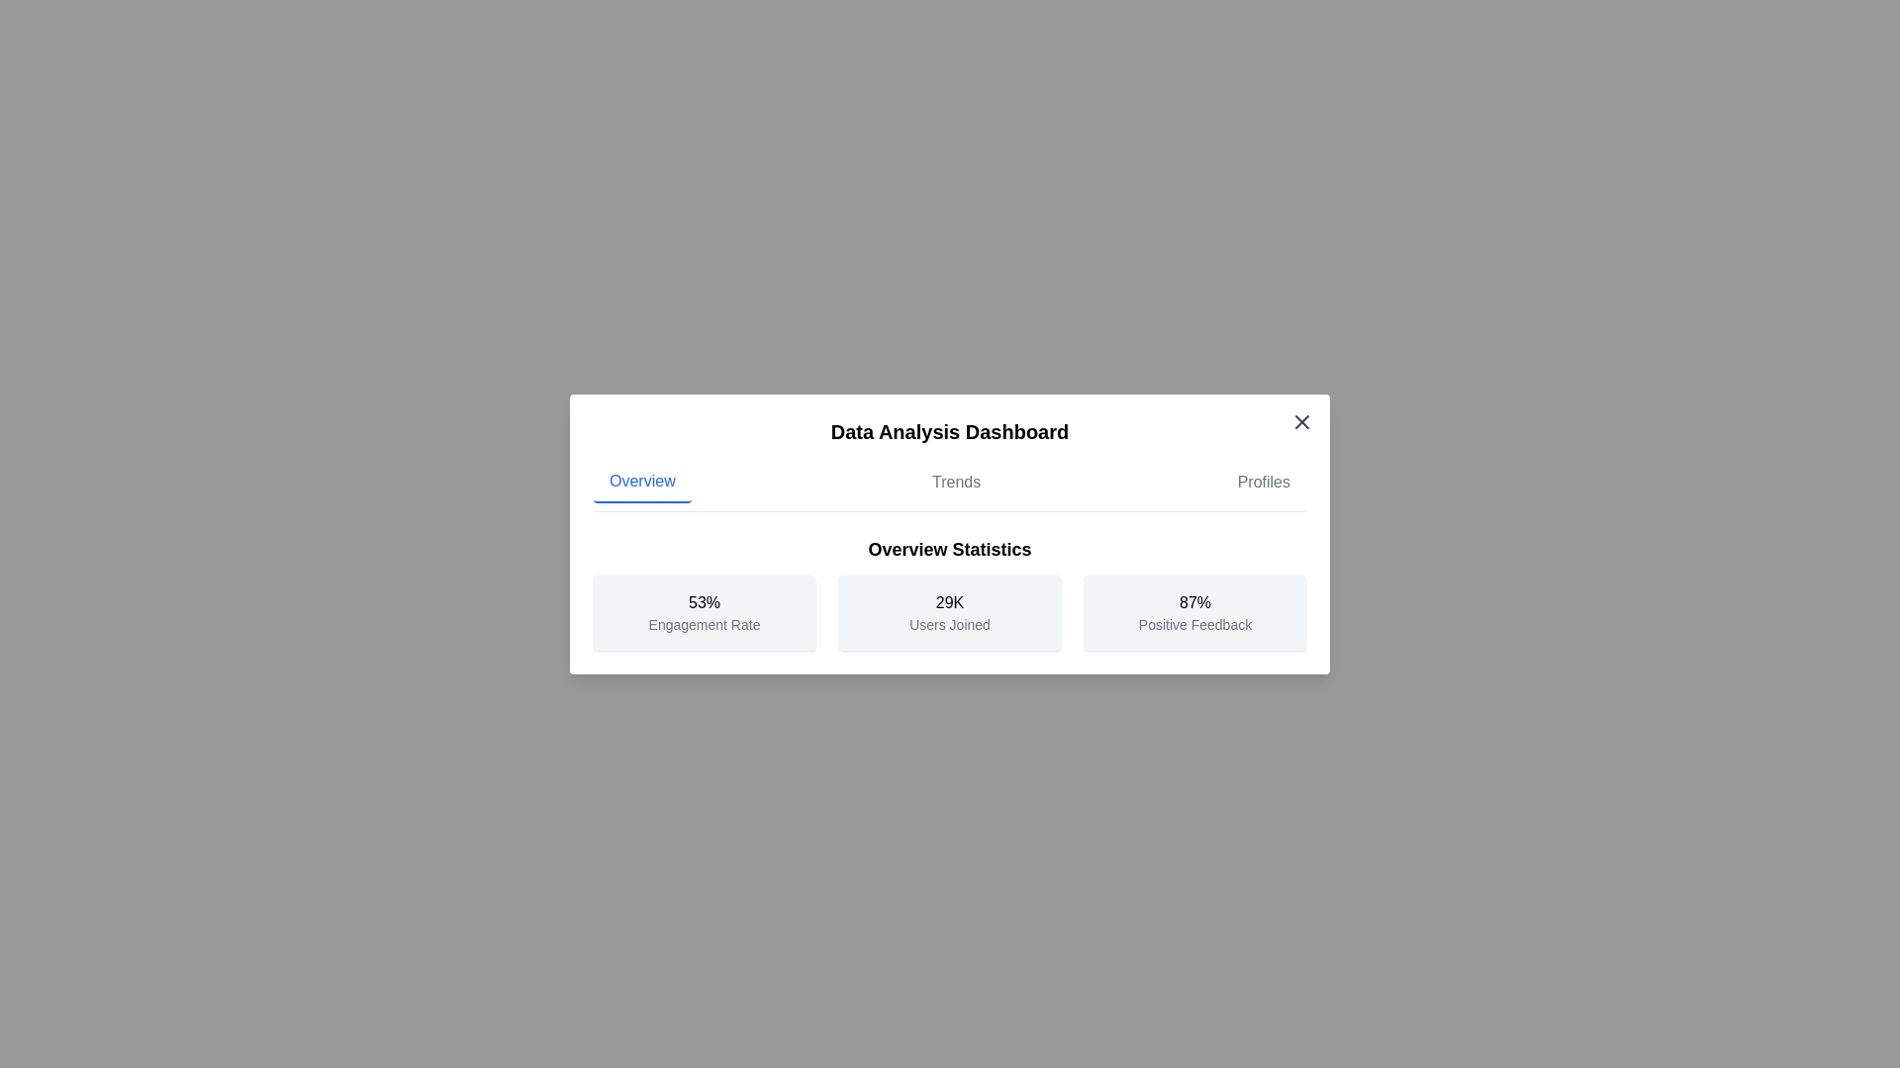 This screenshot has width=1900, height=1068. What do you see at coordinates (950, 590) in the screenshot?
I see `the Statistic display card that shows '29K' with the label 'Users Joined' in the 'Data Analysis Dashboard' interface` at bounding box center [950, 590].